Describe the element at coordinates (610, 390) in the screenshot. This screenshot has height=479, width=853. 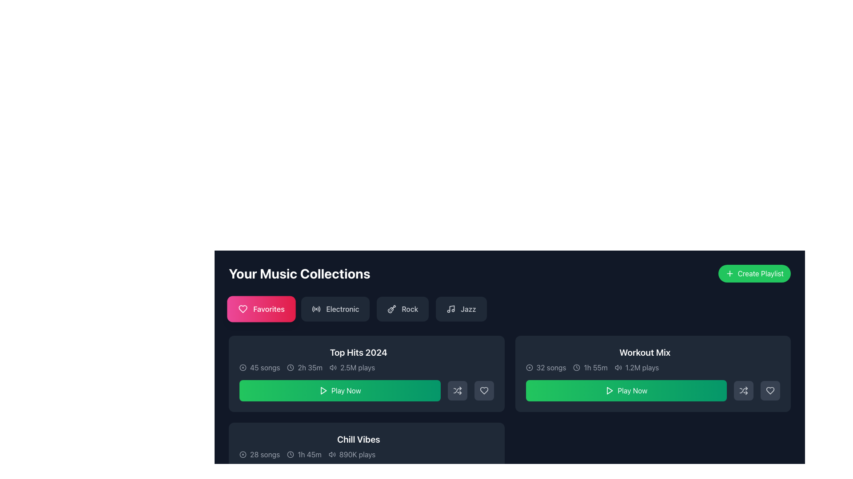
I see `the Play button icon (triangular symbol) in the center of the green 'Play Now' button within the 'Workout Mix' card to initiate playback of the associated content` at that location.